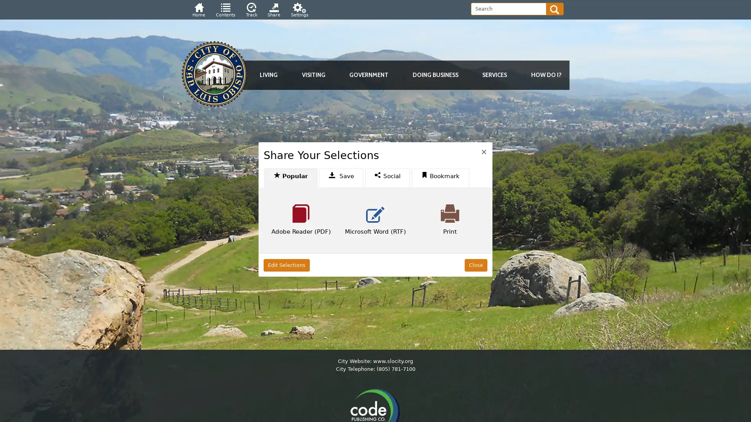 The height and width of the screenshot is (422, 751). What do you see at coordinates (554, 9) in the screenshot?
I see `Search all available documents for the term(s) you entered.` at bounding box center [554, 9].